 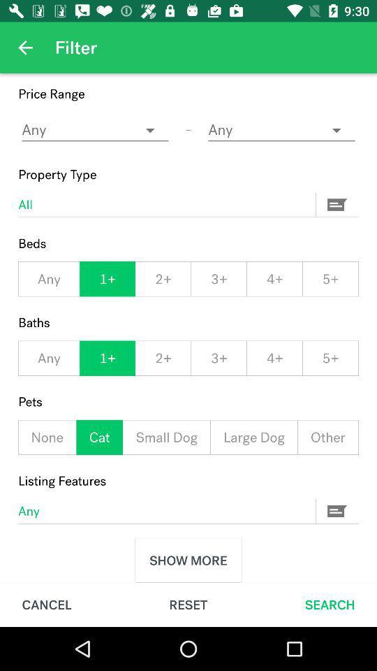 I want to click on the option on the right next to the first option 2 on the web page, so click(x=219, y=278).